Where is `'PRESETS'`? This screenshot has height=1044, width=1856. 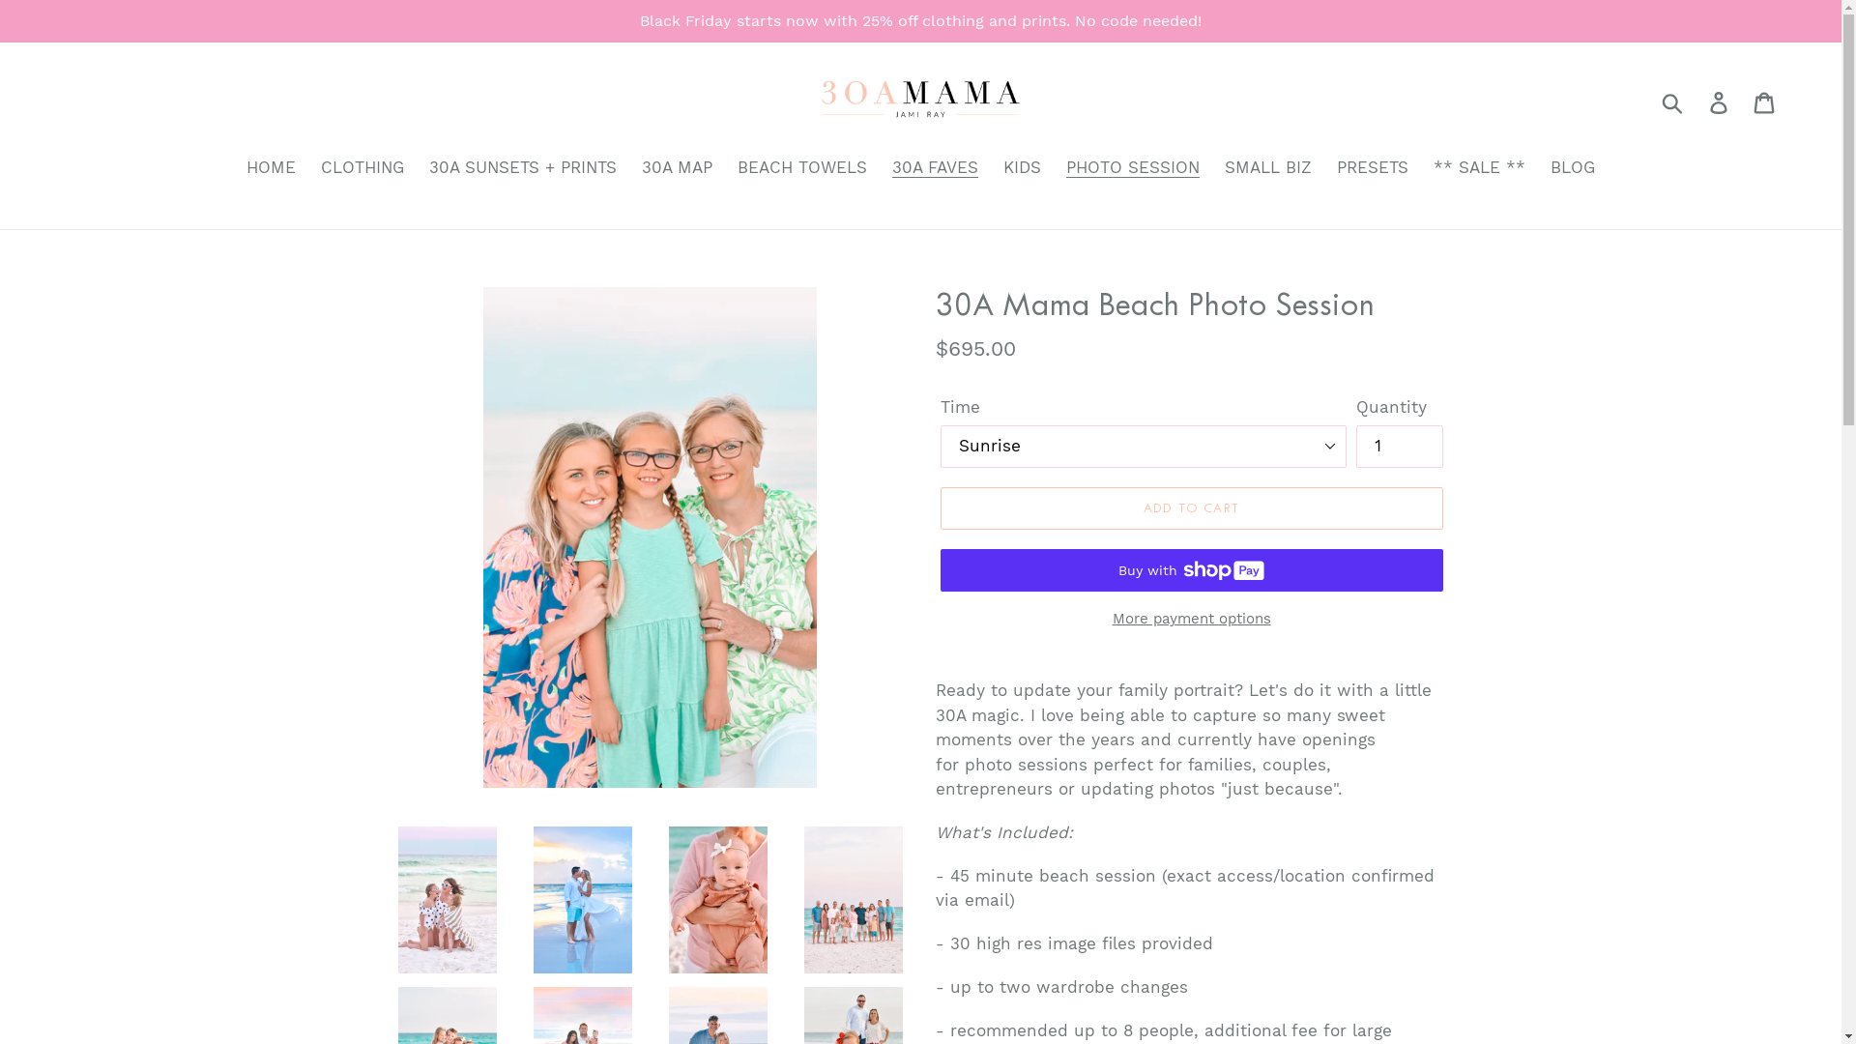
'PRESETS' is located at coordinates (1372, 168).